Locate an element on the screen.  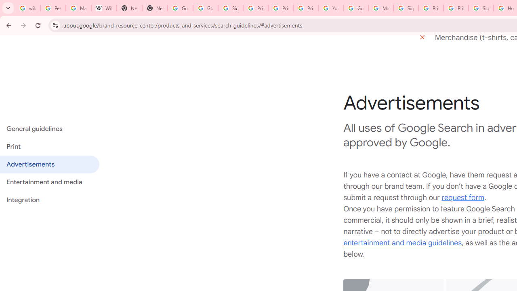
'Advertisements' is located at coordinates (49, 164).